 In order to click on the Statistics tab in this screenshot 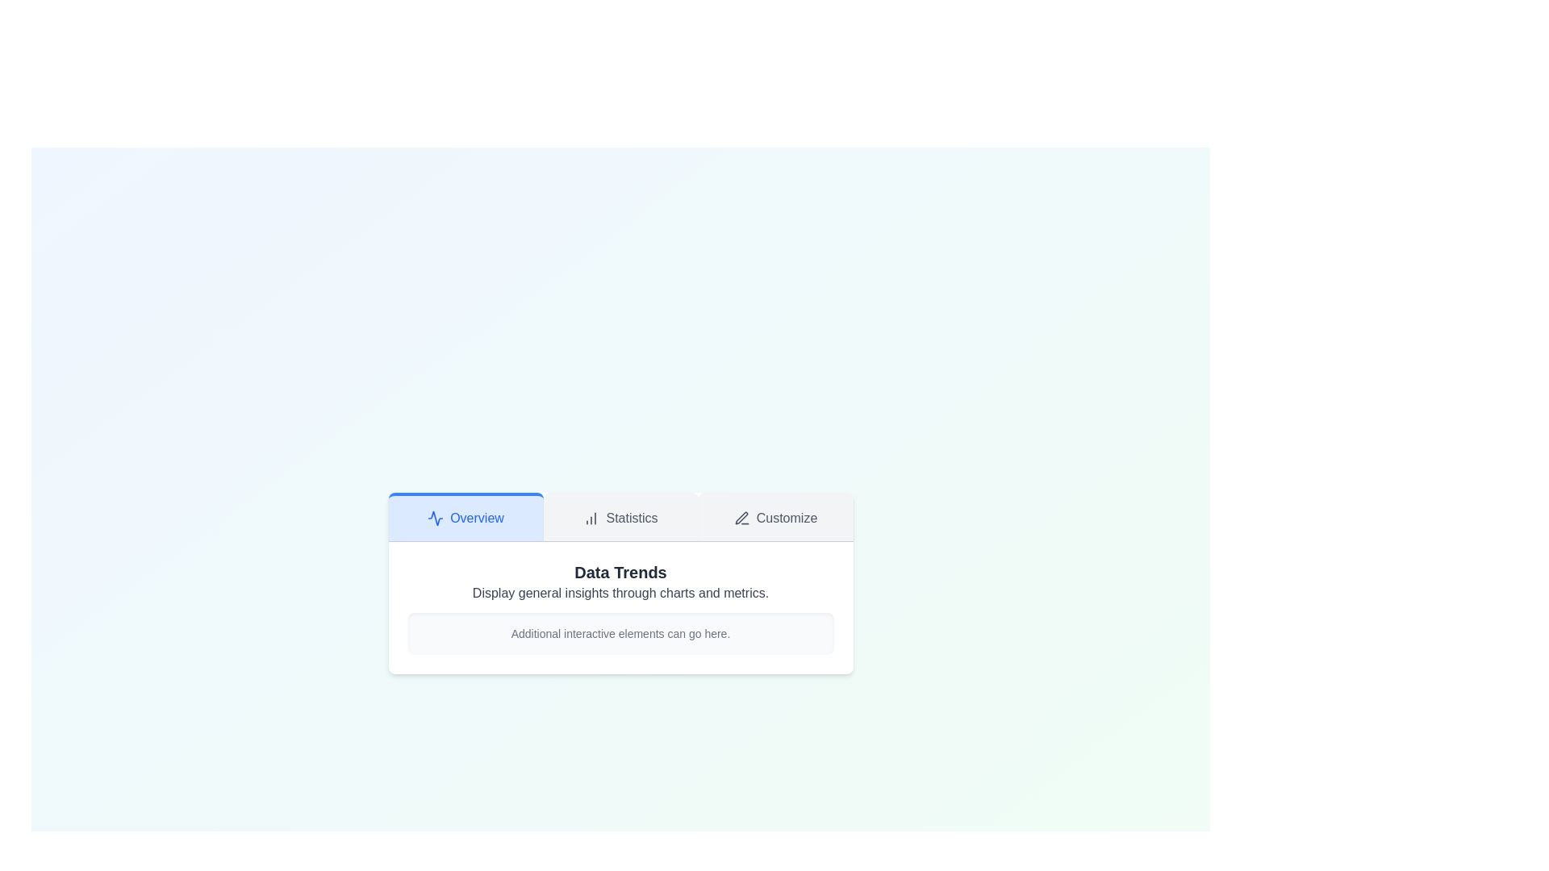, I will do `click(620, 516)`.